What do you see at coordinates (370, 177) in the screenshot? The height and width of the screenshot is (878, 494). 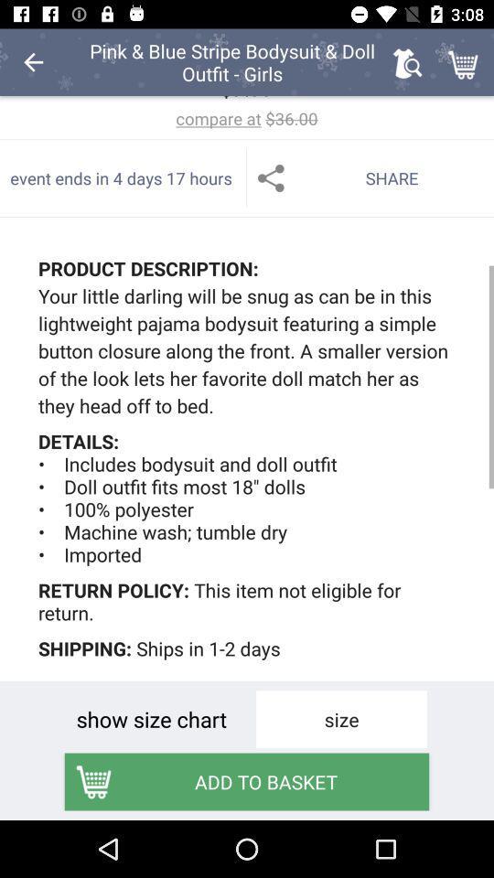 I see `share` at bounding box center [370, 177].